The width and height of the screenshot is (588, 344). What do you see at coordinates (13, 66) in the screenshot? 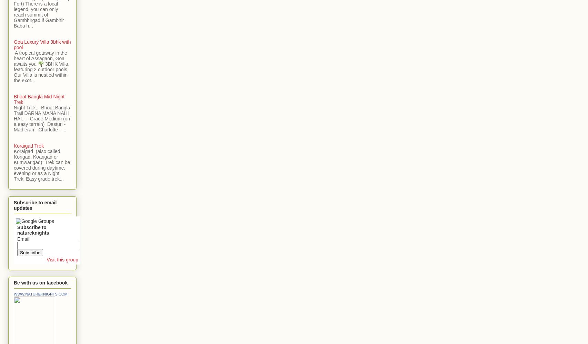
I see `'A tropical getaway in the heart of Assagaon, Goa awaits you 🌴 3BHK Villa,  featuring 2 outdoor pools, Our Villa is nestled within the exot...'` at bounding box center [13, 66].